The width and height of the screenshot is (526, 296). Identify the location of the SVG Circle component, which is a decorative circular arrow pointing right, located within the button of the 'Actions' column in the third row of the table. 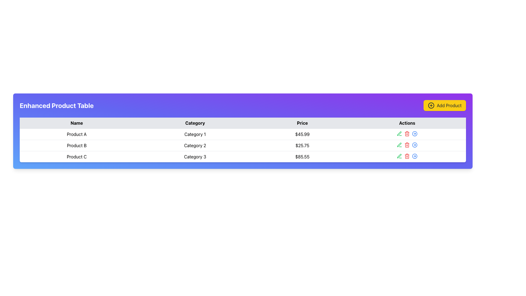
(415, 134).